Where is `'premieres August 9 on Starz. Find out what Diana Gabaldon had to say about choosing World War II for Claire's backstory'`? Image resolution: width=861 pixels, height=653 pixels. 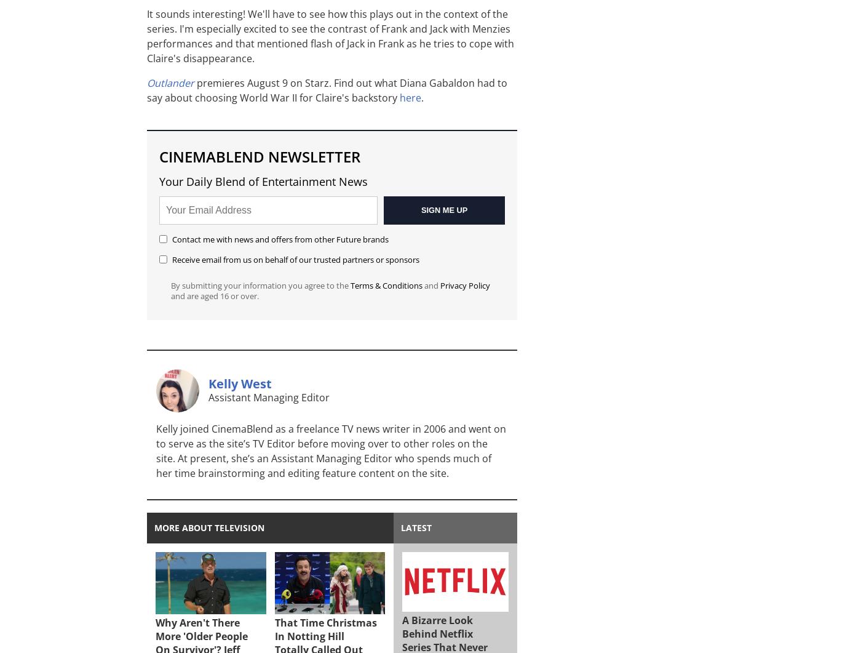 'premieres August 9 on Starz. Find out what Diana Gabaldon had to say about choosing World War II for Claire's backstory' is located at coordinates (327, 90).